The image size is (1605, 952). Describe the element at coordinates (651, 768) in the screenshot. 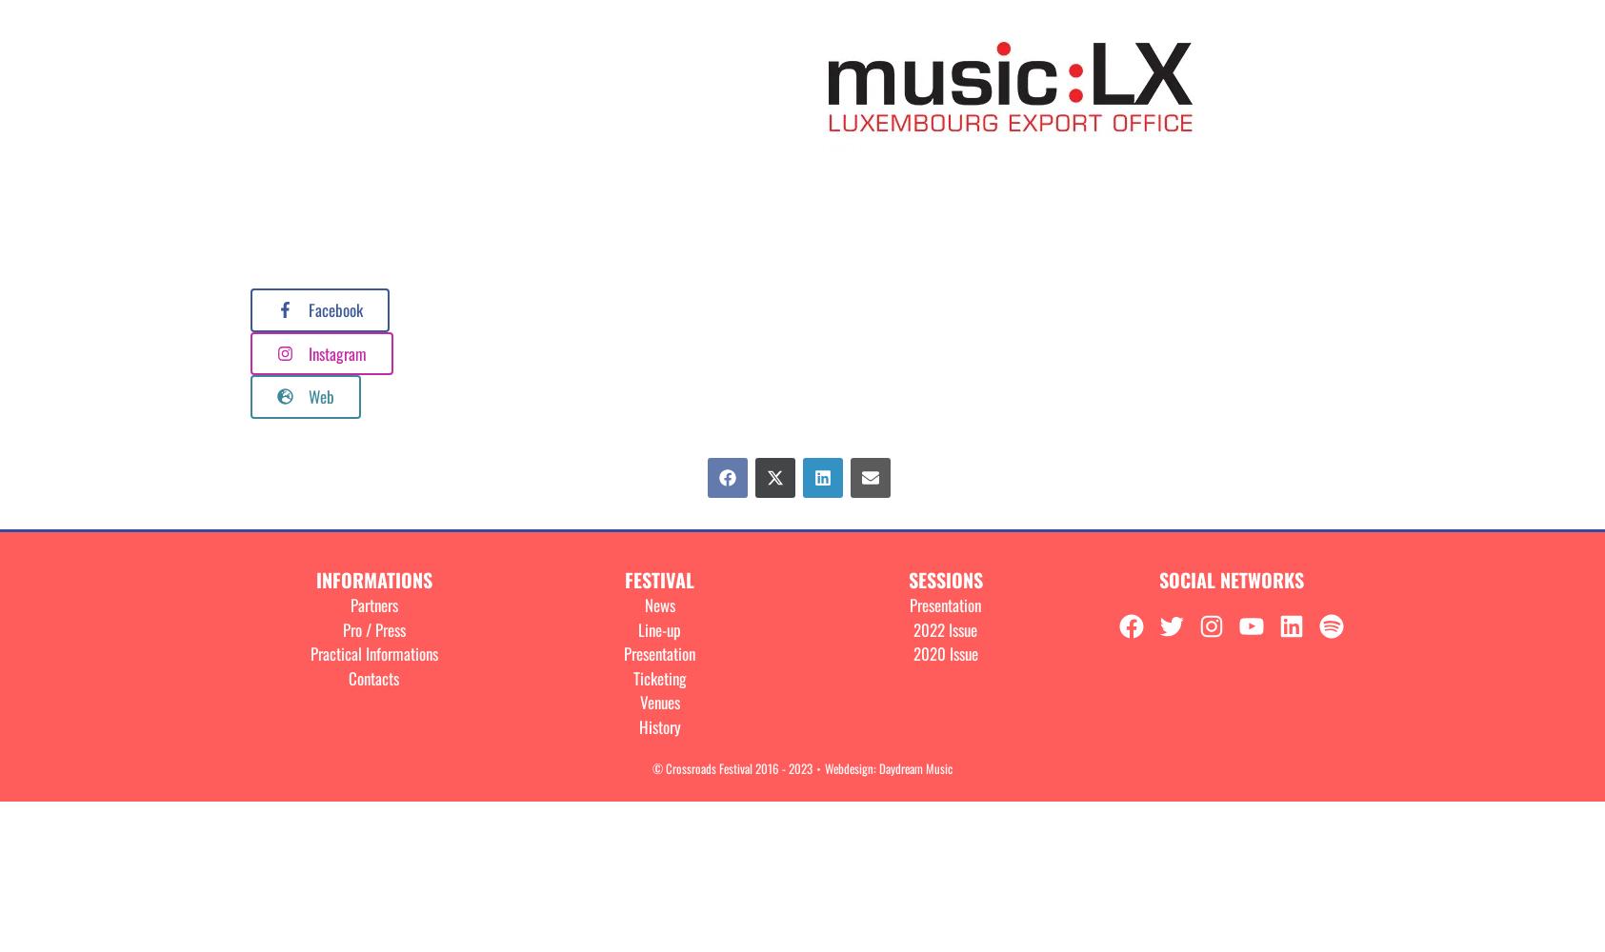

I see `'© Crossroads Festival 2016 - 2023・Webdesign:'` at that location.